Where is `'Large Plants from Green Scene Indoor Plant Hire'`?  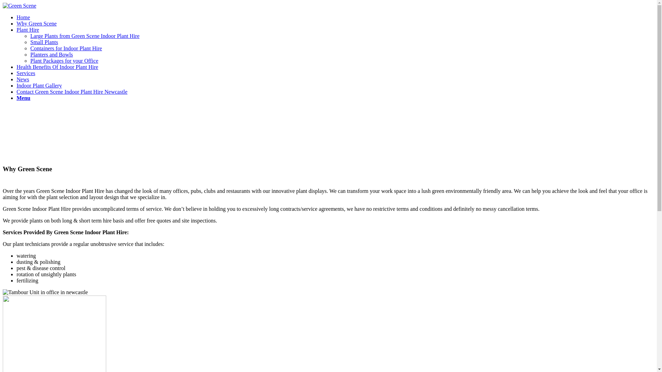 'Large Plants from Green Scene Indoor Plant Hire' is located at coordinates (30, 36).